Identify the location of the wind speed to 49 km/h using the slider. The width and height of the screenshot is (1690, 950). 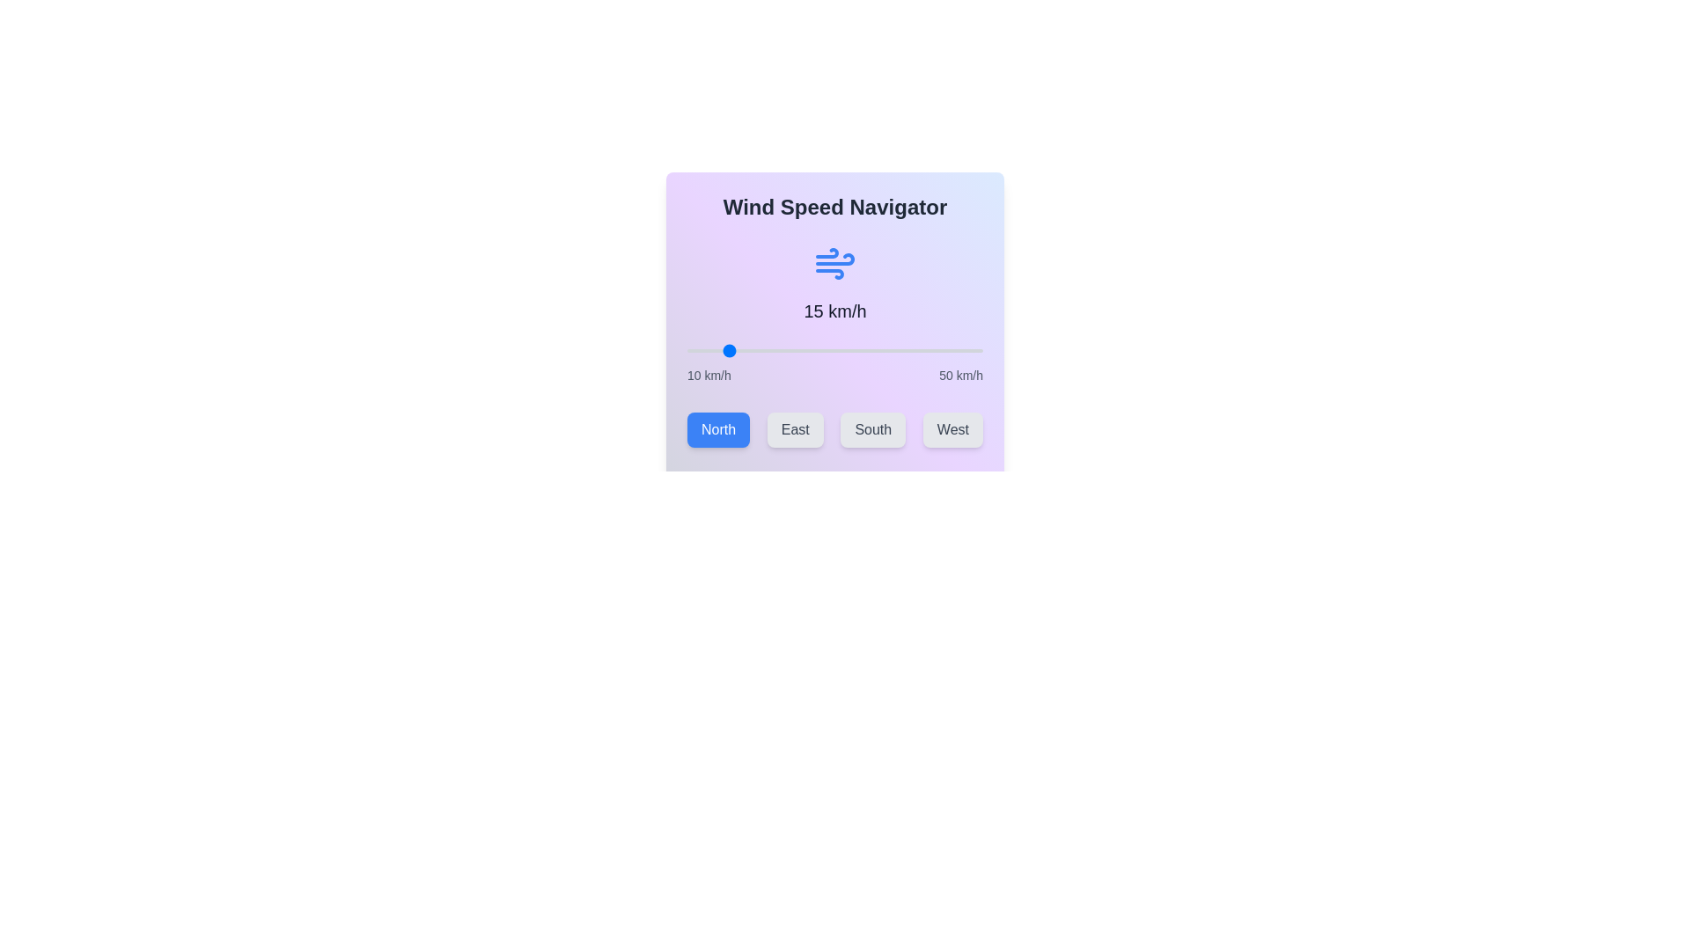
(974, 350).